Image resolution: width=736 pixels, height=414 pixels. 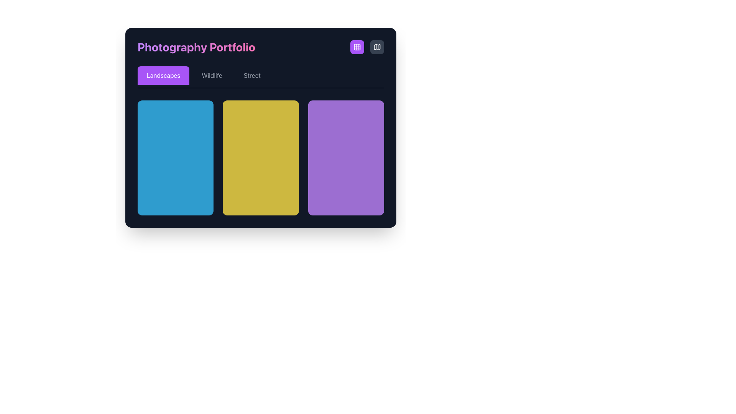 What do you see at coordinates (356, 47) in the screenshot?
I see `the small rectangular shape with rounded corners that is centrally located within the grid icon at the top-right corner of the interface` at bounding box center [356, 47].